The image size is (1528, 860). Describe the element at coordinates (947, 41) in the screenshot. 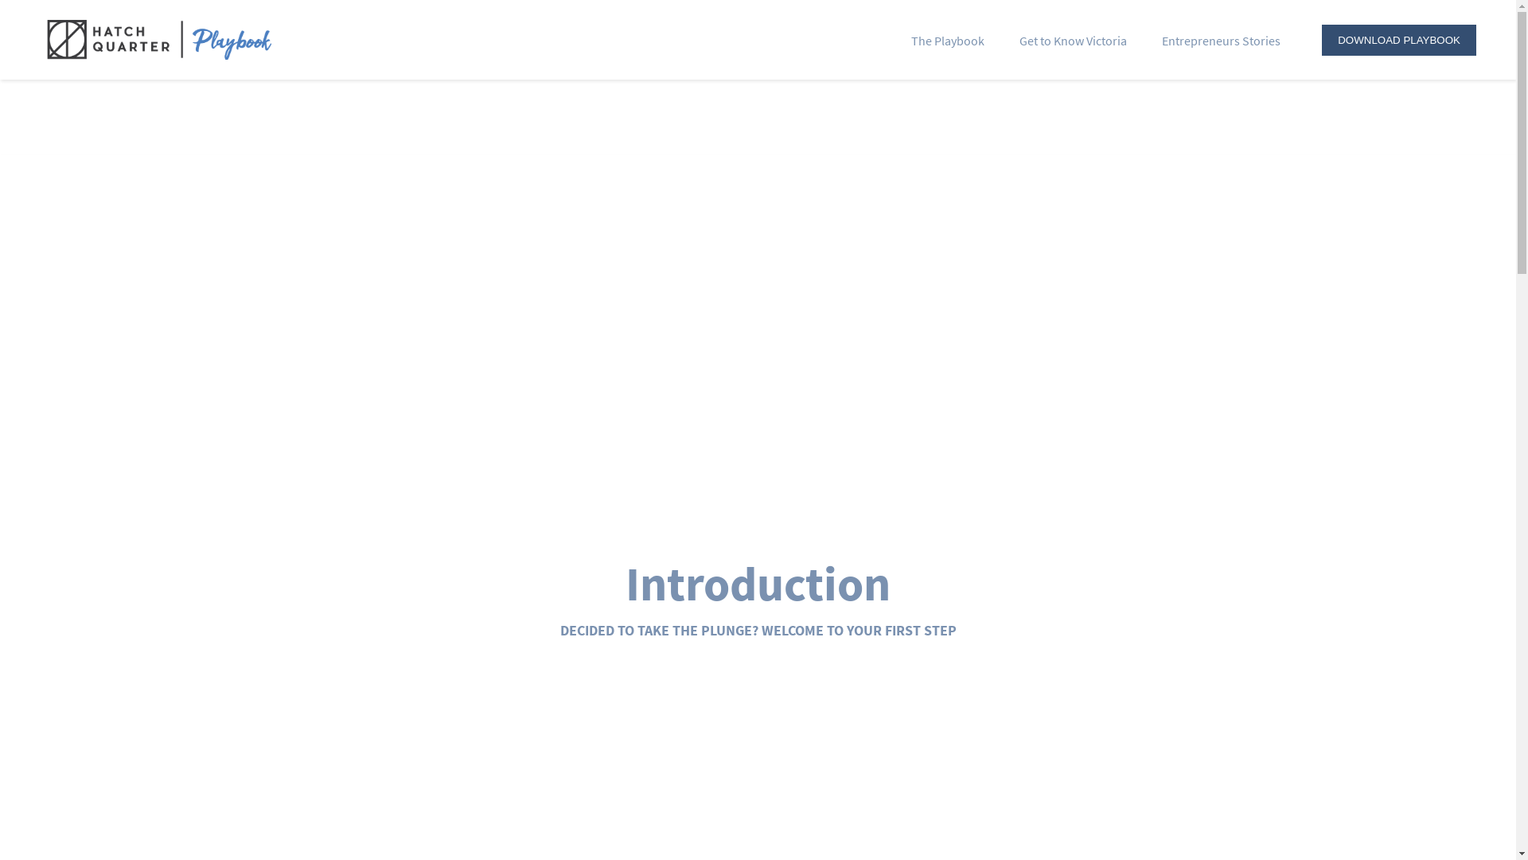

I see `'The Playbook'` at that location.